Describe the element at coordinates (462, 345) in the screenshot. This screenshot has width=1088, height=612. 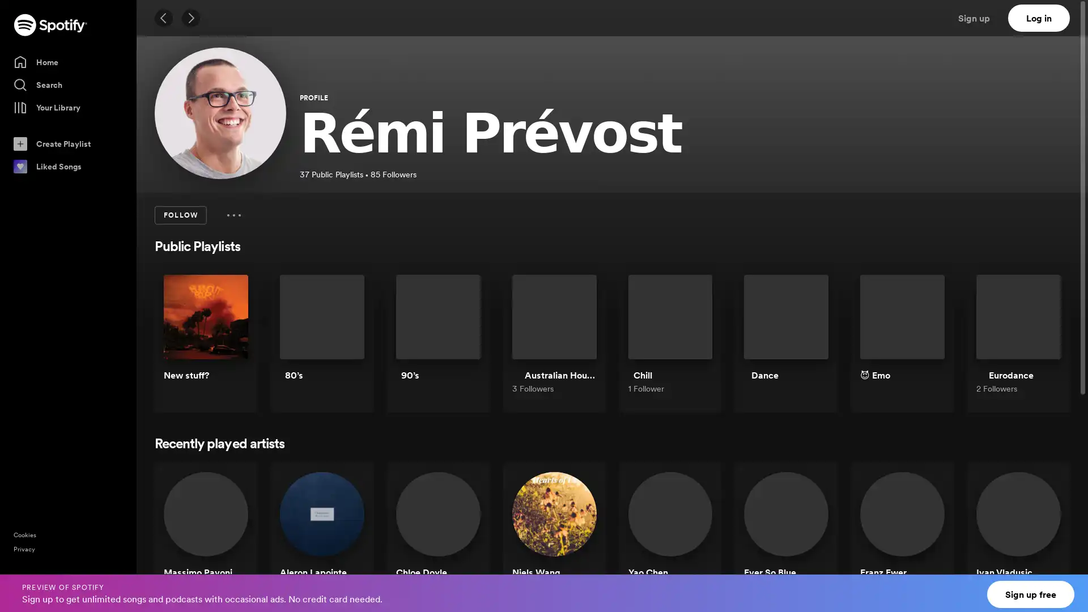
I see `Play 90s` at that location.